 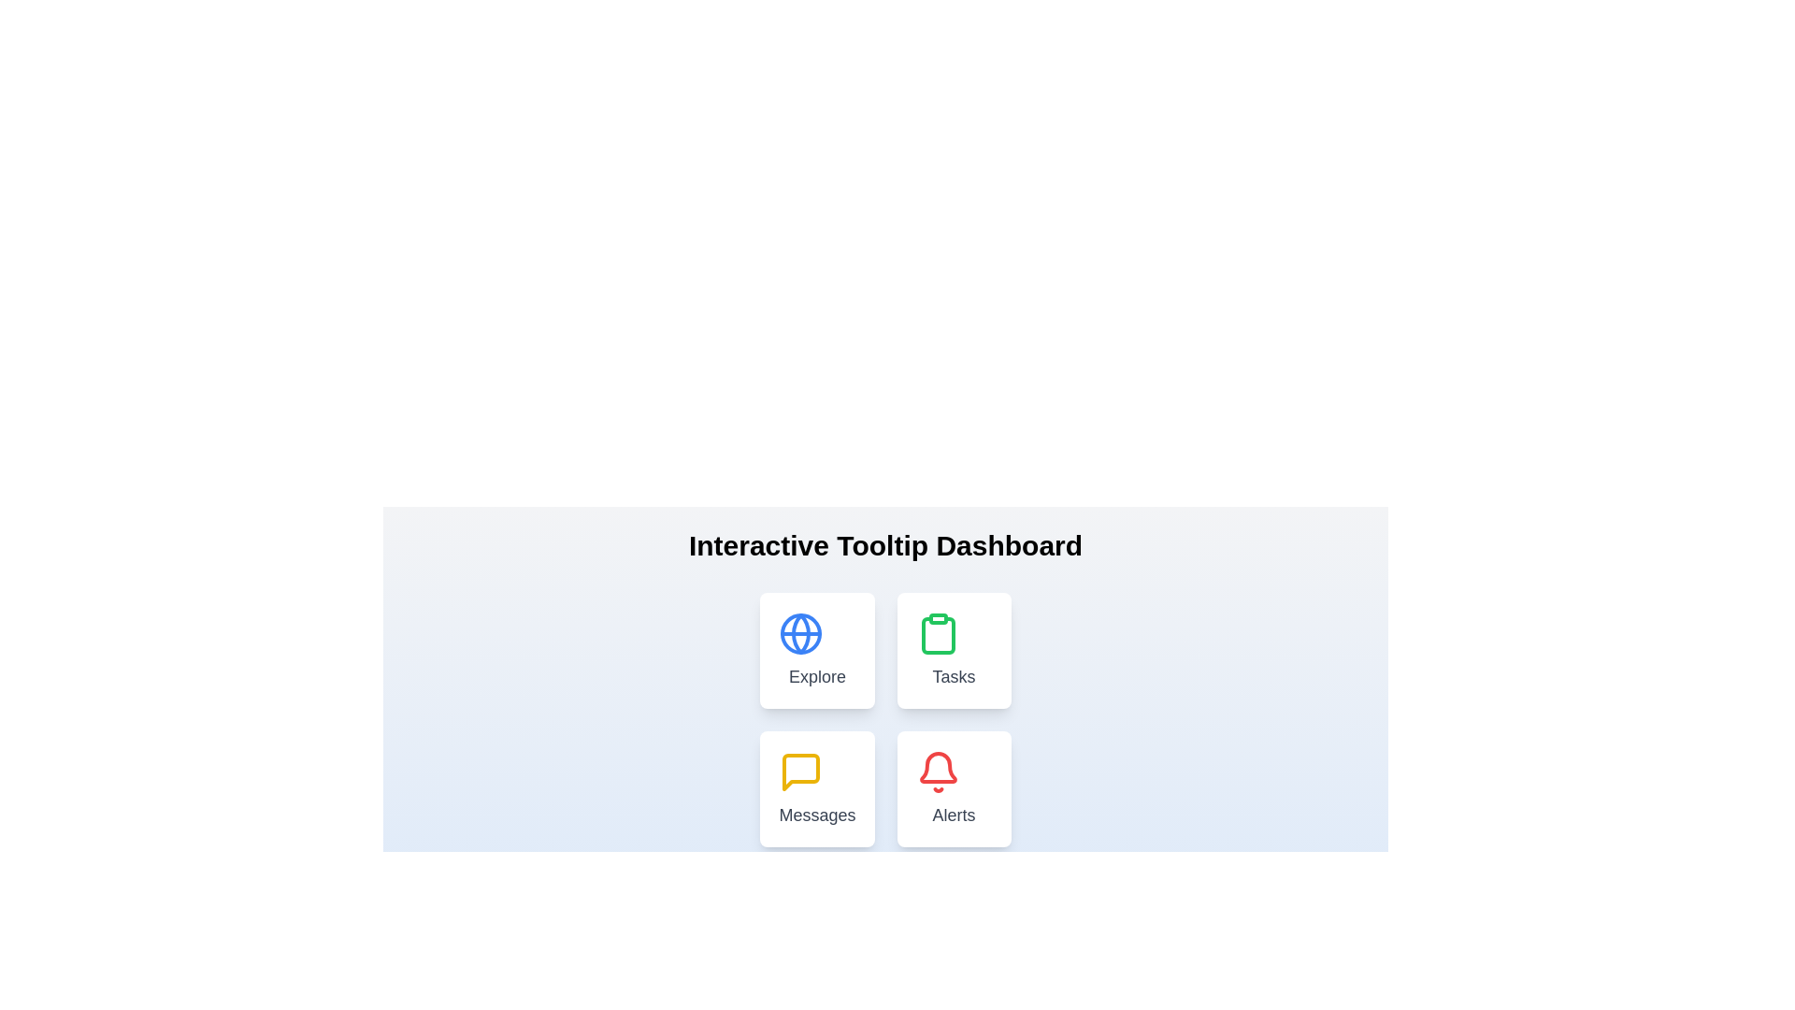 What do you see at coordinates (938, 619) in the screenshot?
I see `the decorative rectangle with a green stroke at the top-left corner of the 'Tasks' icon to trigger related icon interactions` at bounding box center [938, 619].